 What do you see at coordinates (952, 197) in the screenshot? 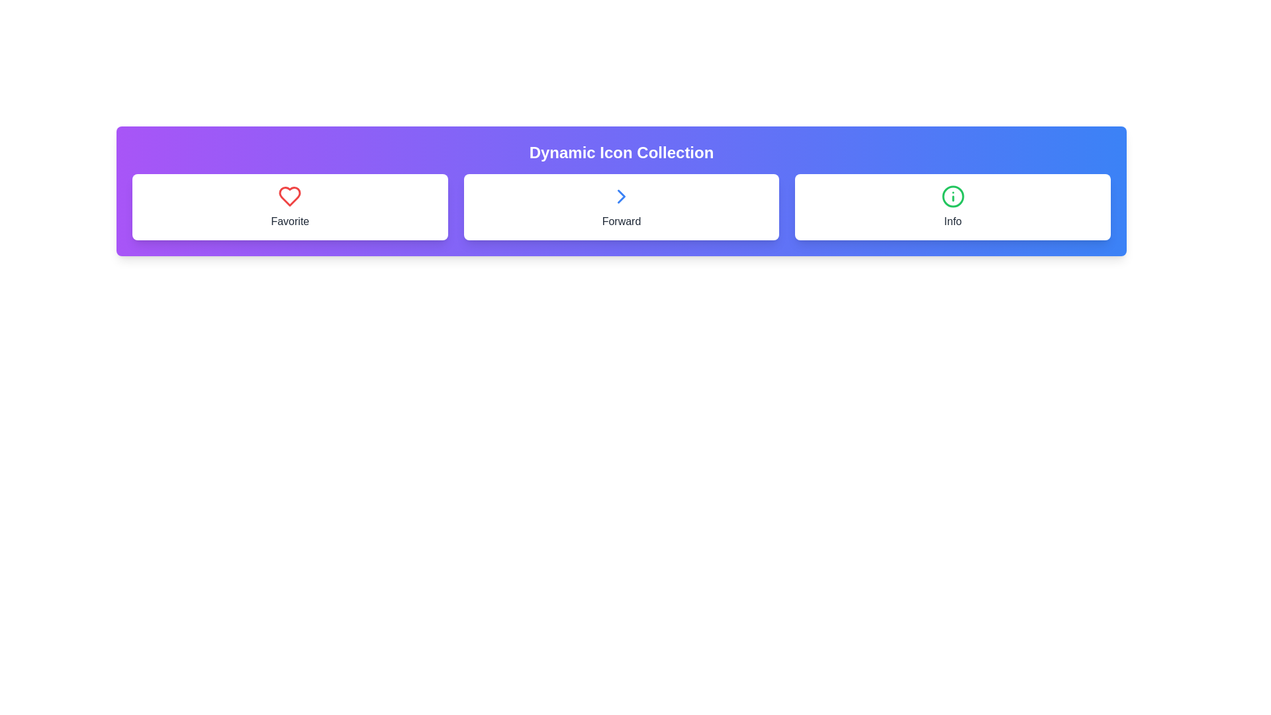
I see `the information icon located within the 'Info' card, which is the third card in a row of three cards labeled 'Favorite', 'Forward', and 'Info'` at bounding box center [952, 197].